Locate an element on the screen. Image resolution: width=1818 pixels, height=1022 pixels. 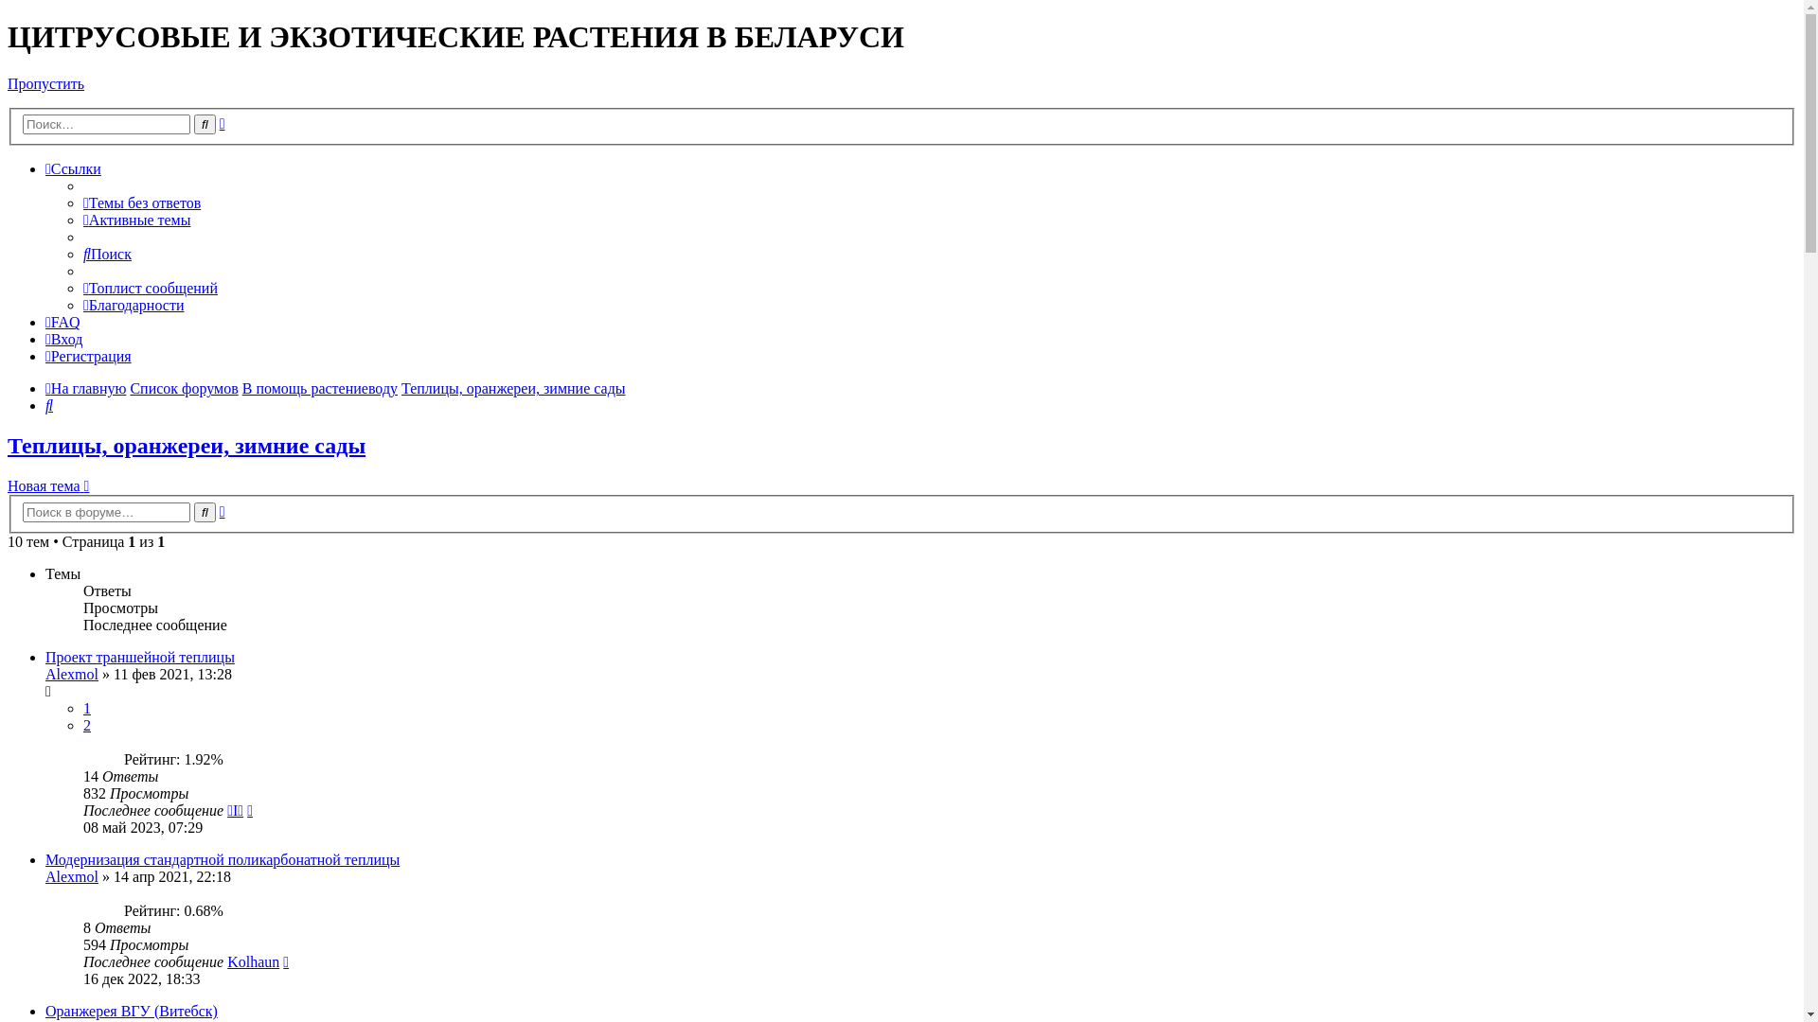
'Kolhaun' is located at coordinates (252, 961).